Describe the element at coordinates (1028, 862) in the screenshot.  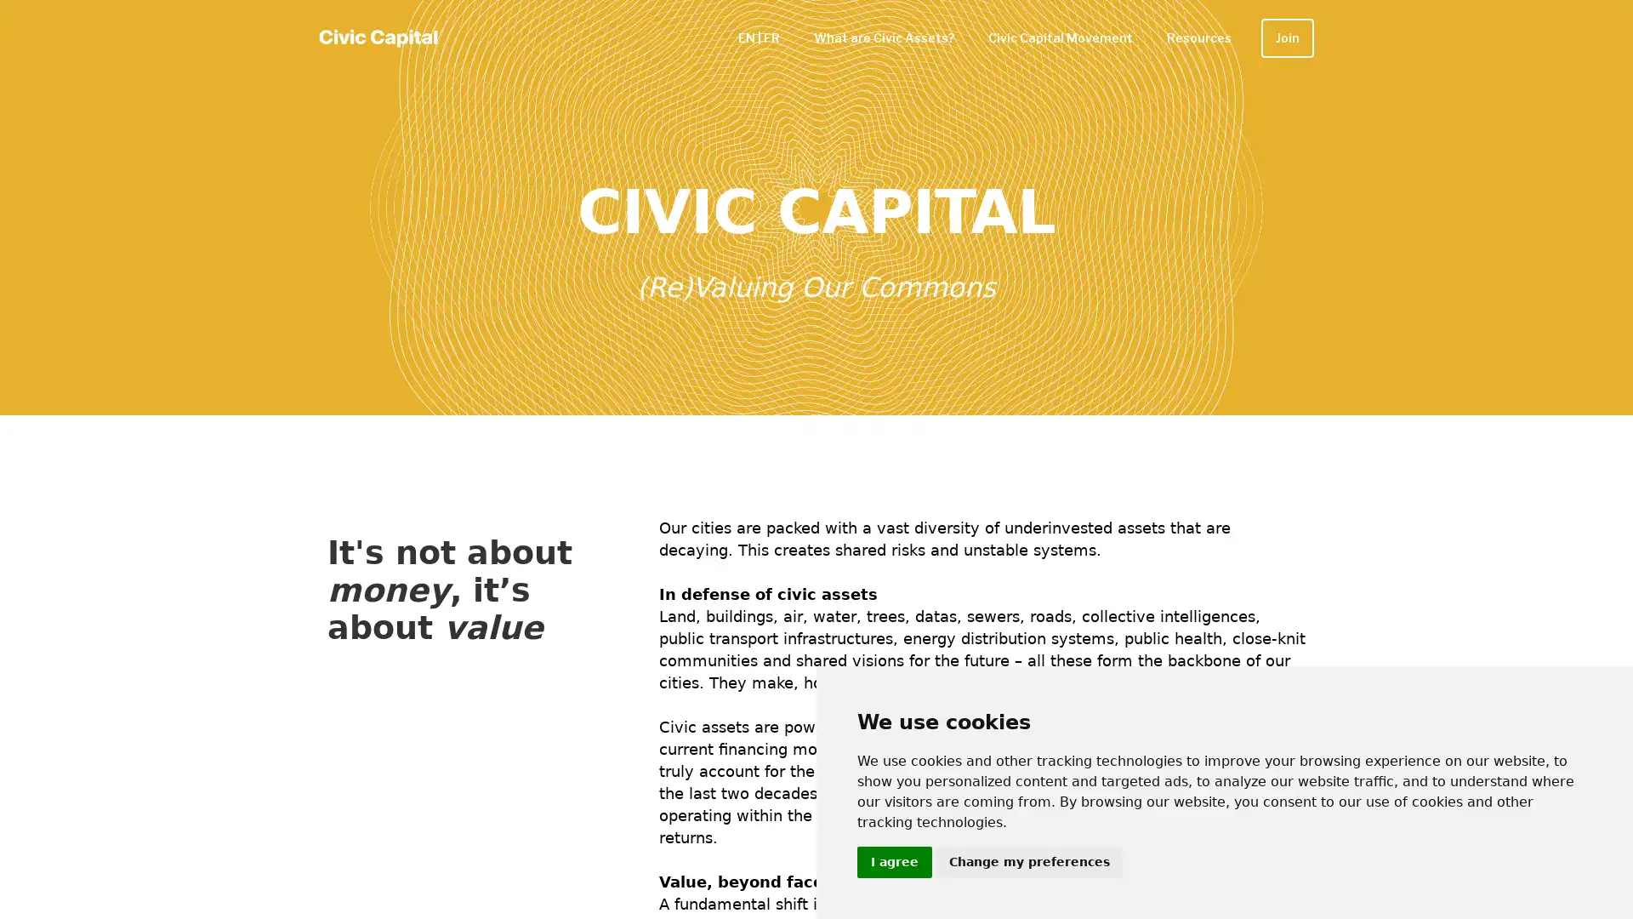
I see `Change my preferences` at that location.